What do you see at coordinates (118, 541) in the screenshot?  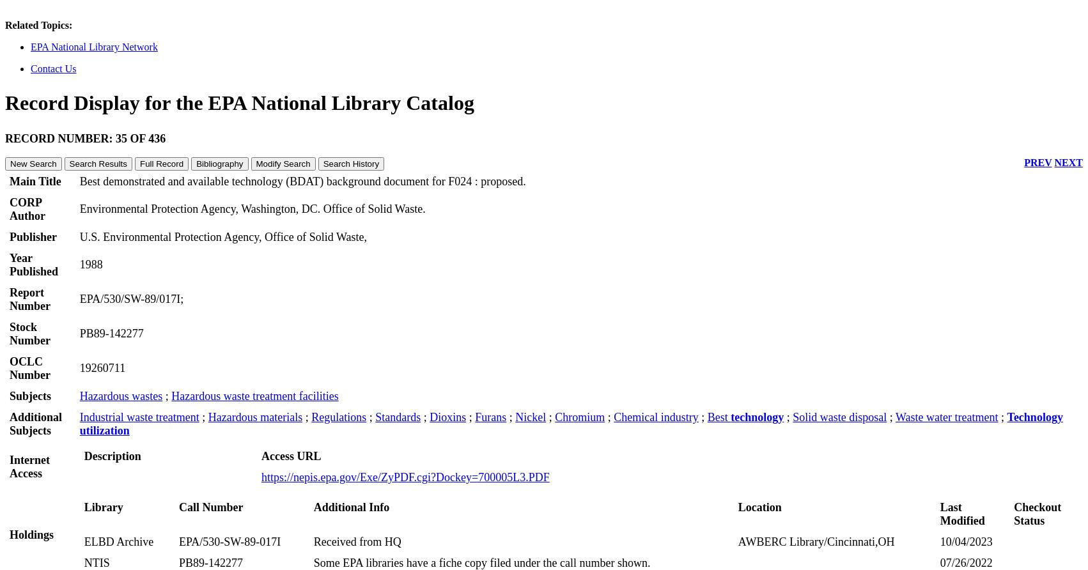 I see `'ELBD Archive'` at bounding box center [118, 541].